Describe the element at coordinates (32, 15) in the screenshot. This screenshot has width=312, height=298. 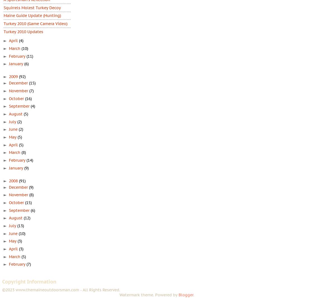
I see `'Maine Guide Update (Hunting)'` at that location.